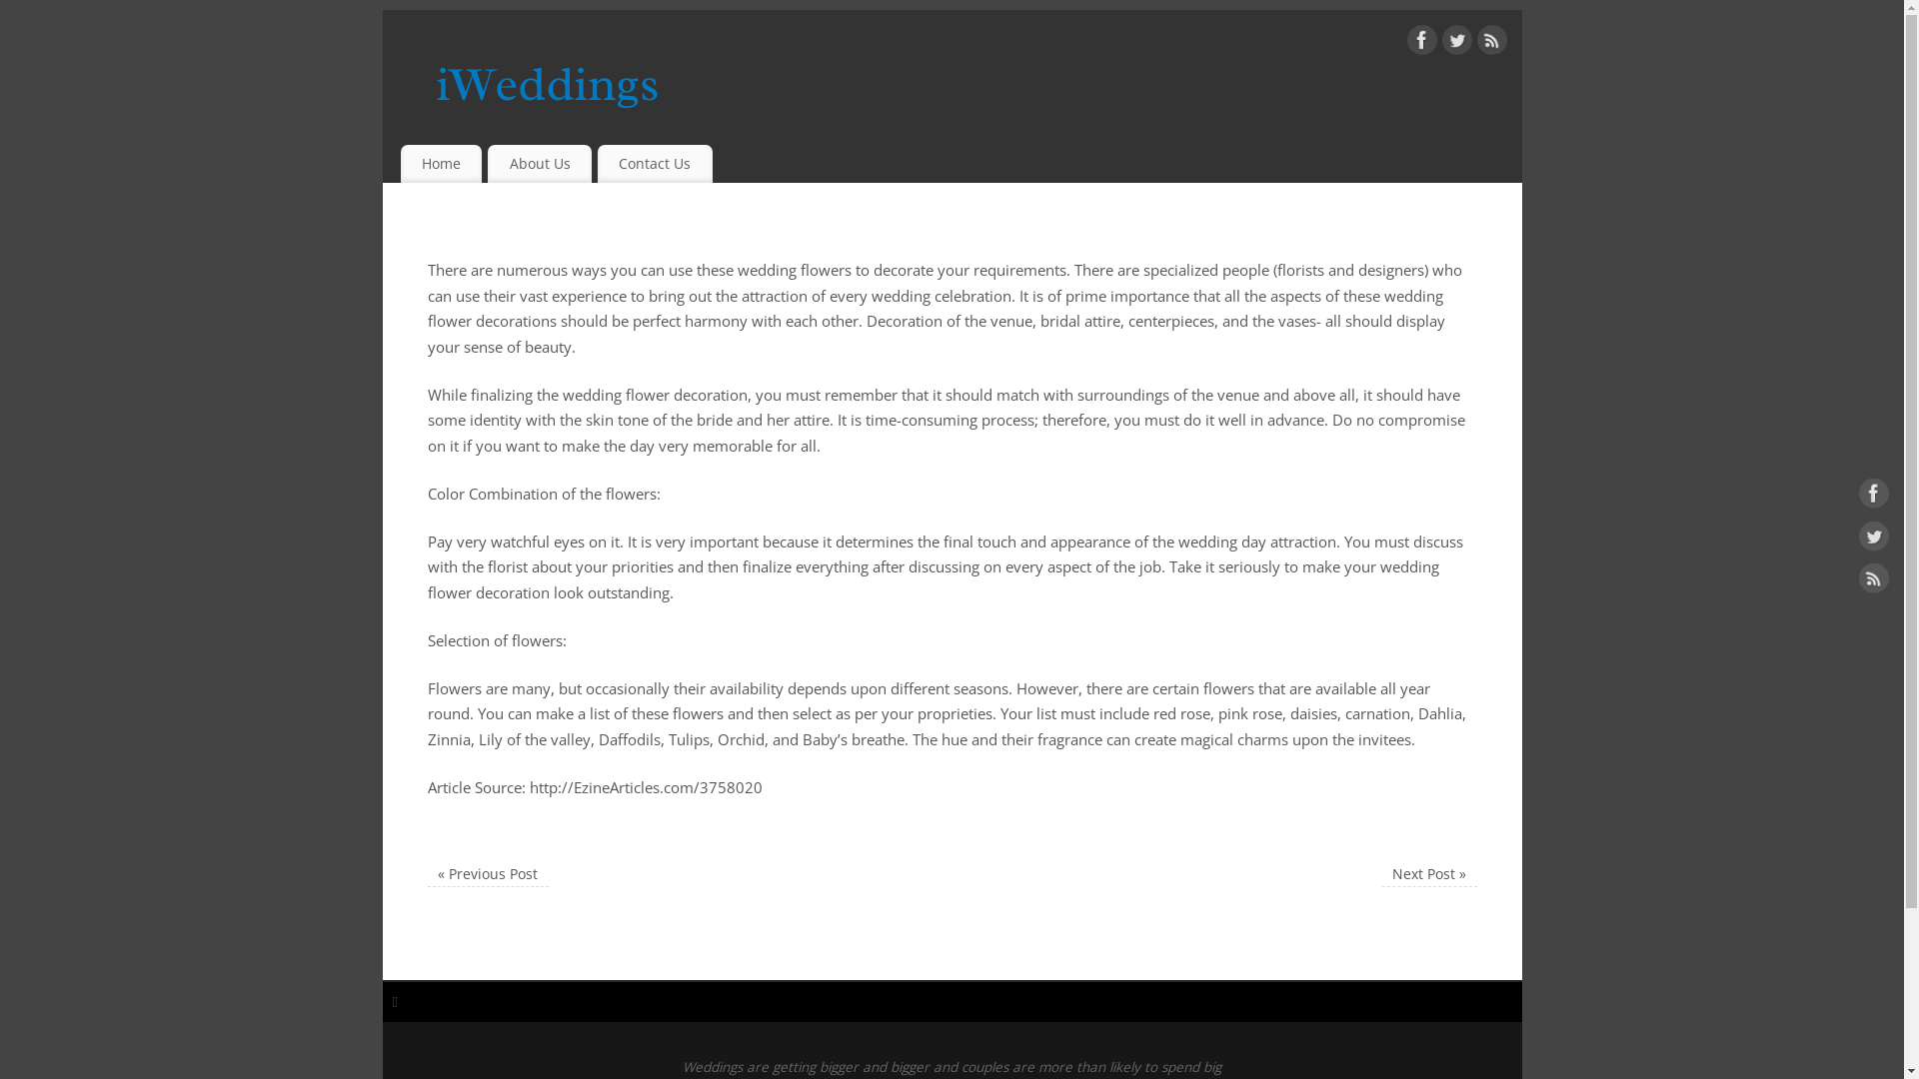 The height and width of the screenshot is (1079, 1919). I want to click on 'RSS', so click(1491, 43).